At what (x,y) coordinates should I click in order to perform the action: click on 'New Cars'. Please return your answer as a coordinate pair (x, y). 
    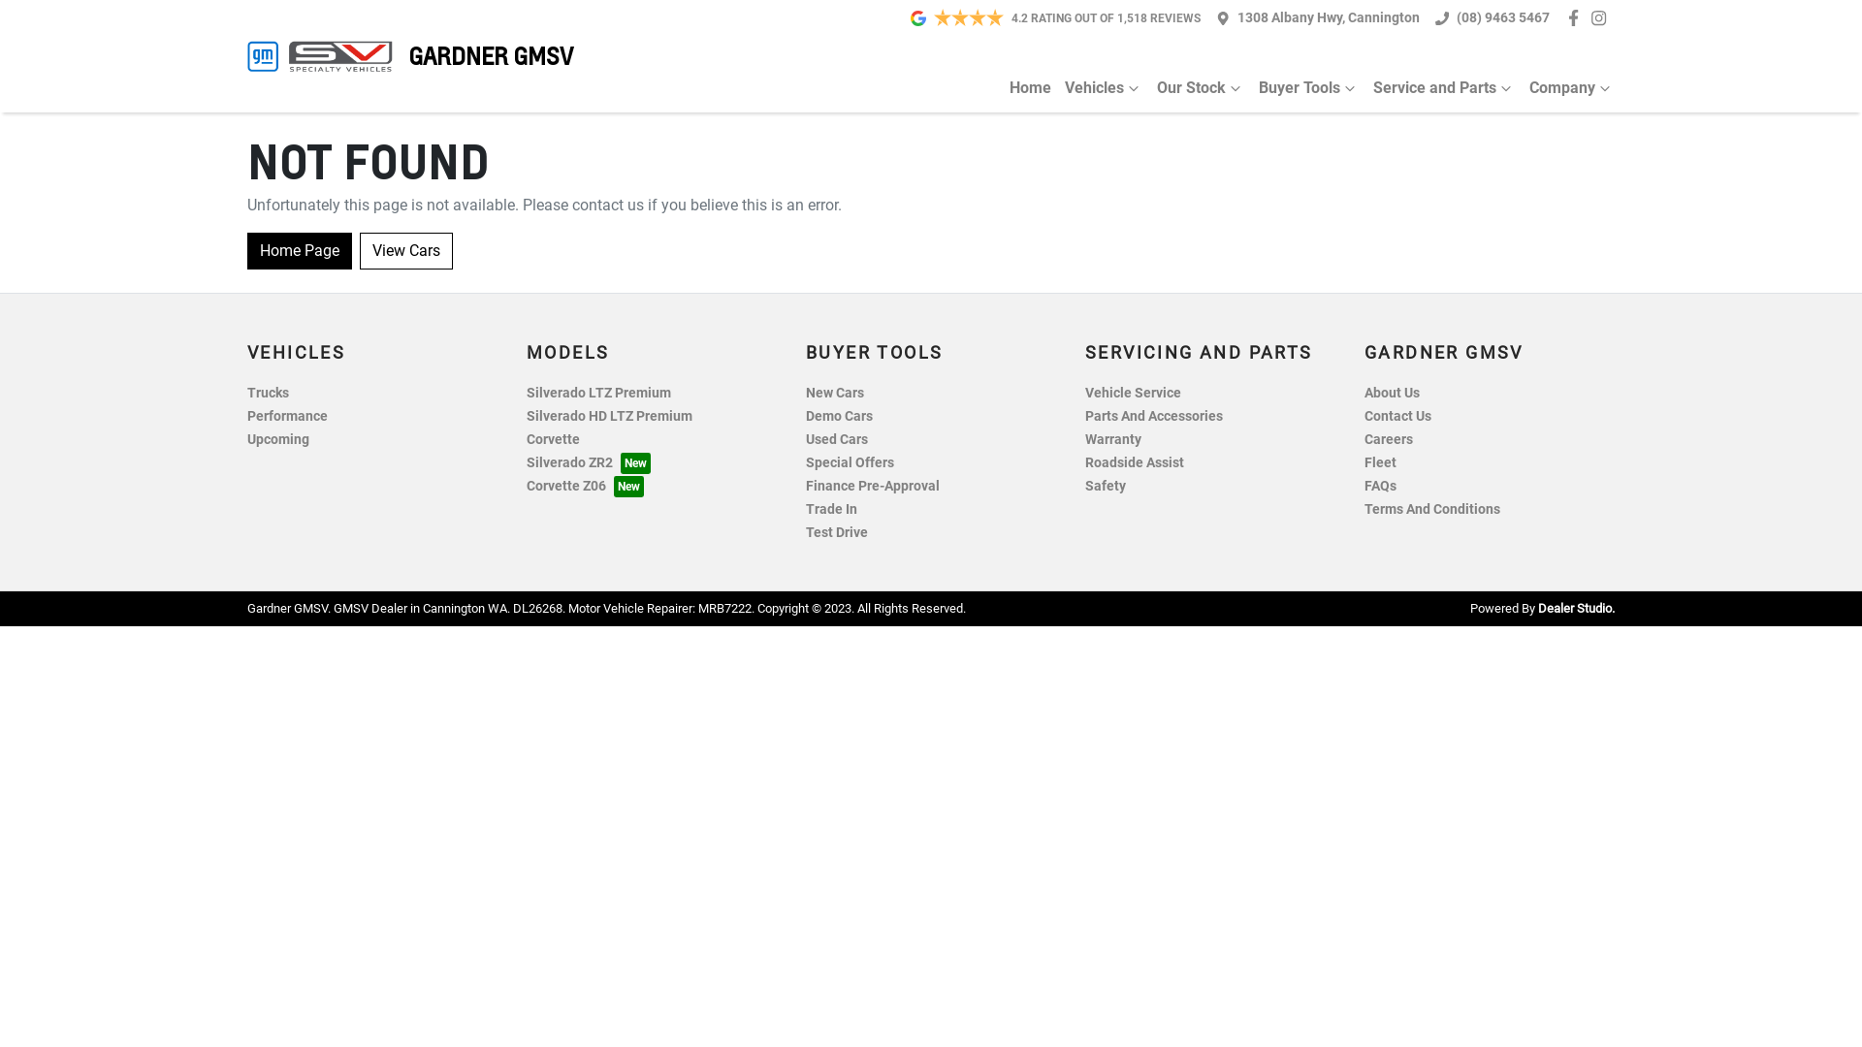
    Looking at the image, I should click on (834, 393).